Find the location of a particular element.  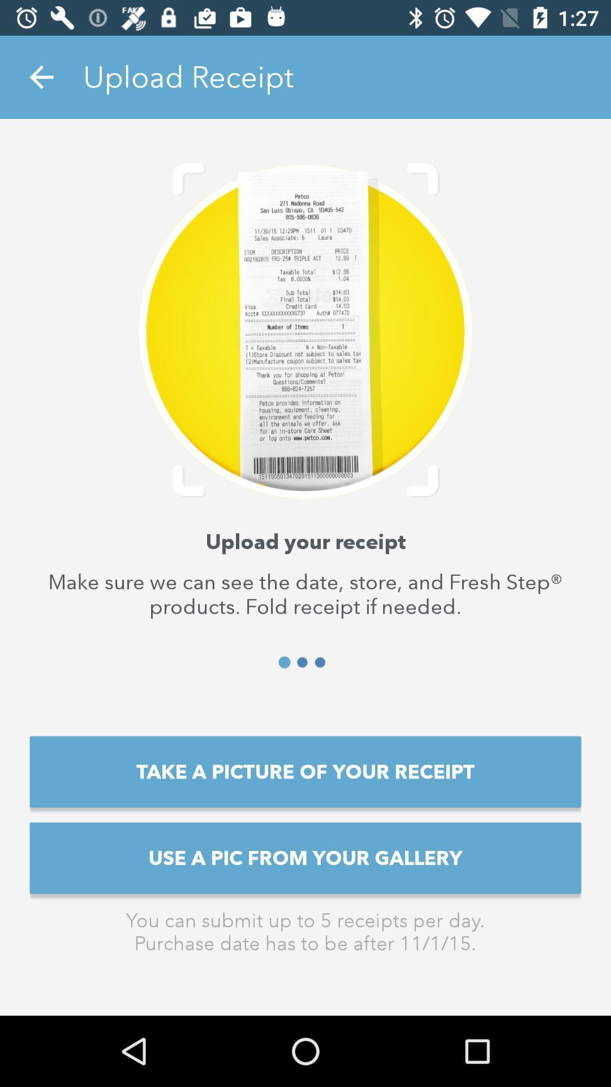

the item above upload your receipt is located at coordinates (41, 76).